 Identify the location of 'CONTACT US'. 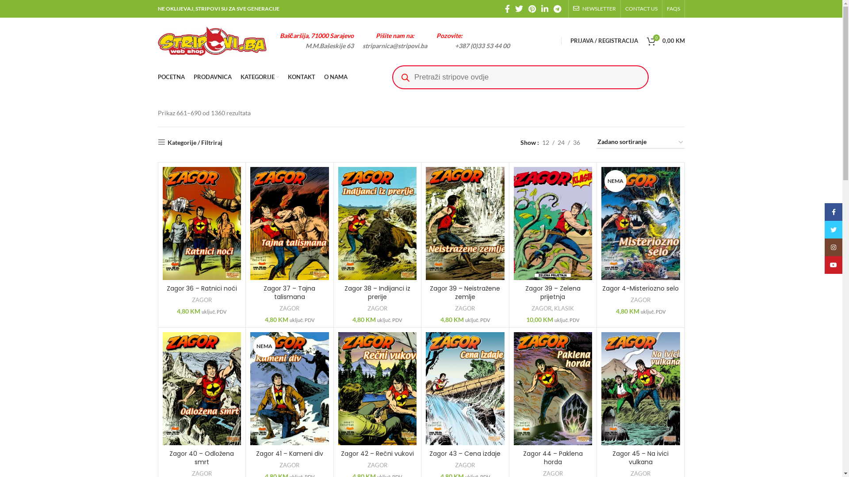
(625, 8).